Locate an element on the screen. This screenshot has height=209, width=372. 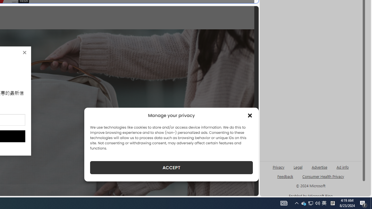
'Action Center, 2 new notifications' is located at coordinates (363, 203).